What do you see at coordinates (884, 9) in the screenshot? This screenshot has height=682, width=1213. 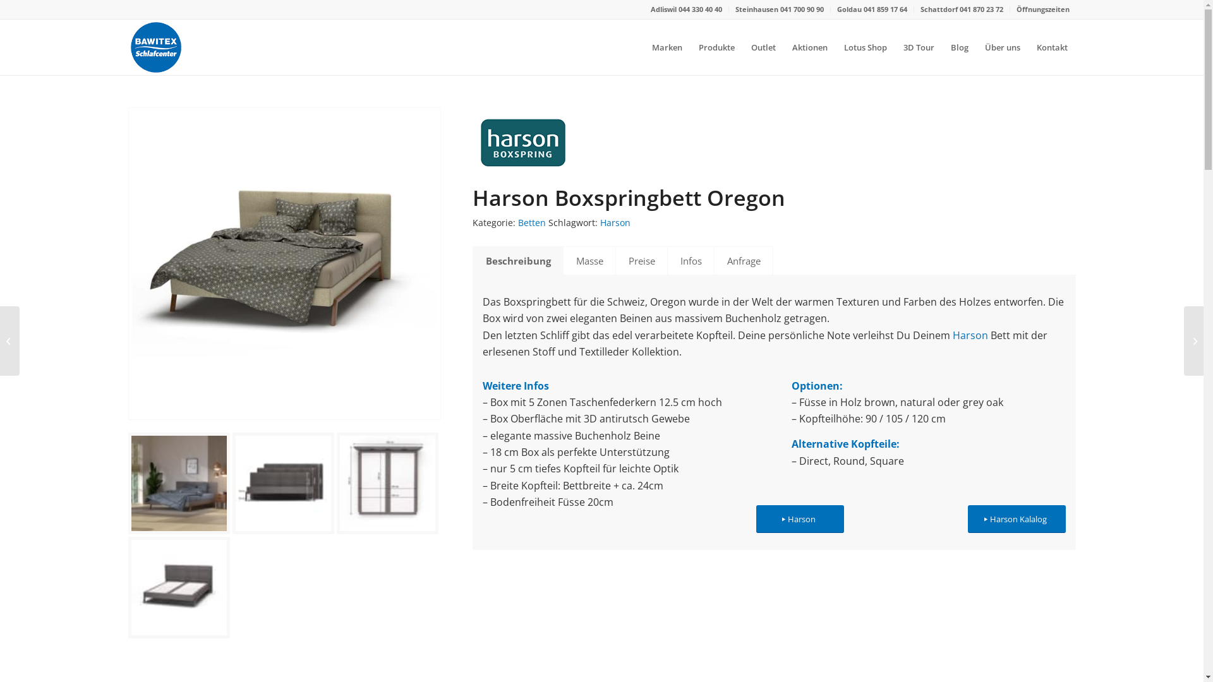 I see `'041 859 17 64'` at bounding box center [884, 9].